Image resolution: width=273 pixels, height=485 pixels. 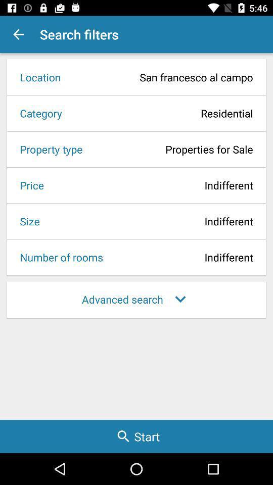 I want to click on icon above size icon, so click(x=28, y=184).